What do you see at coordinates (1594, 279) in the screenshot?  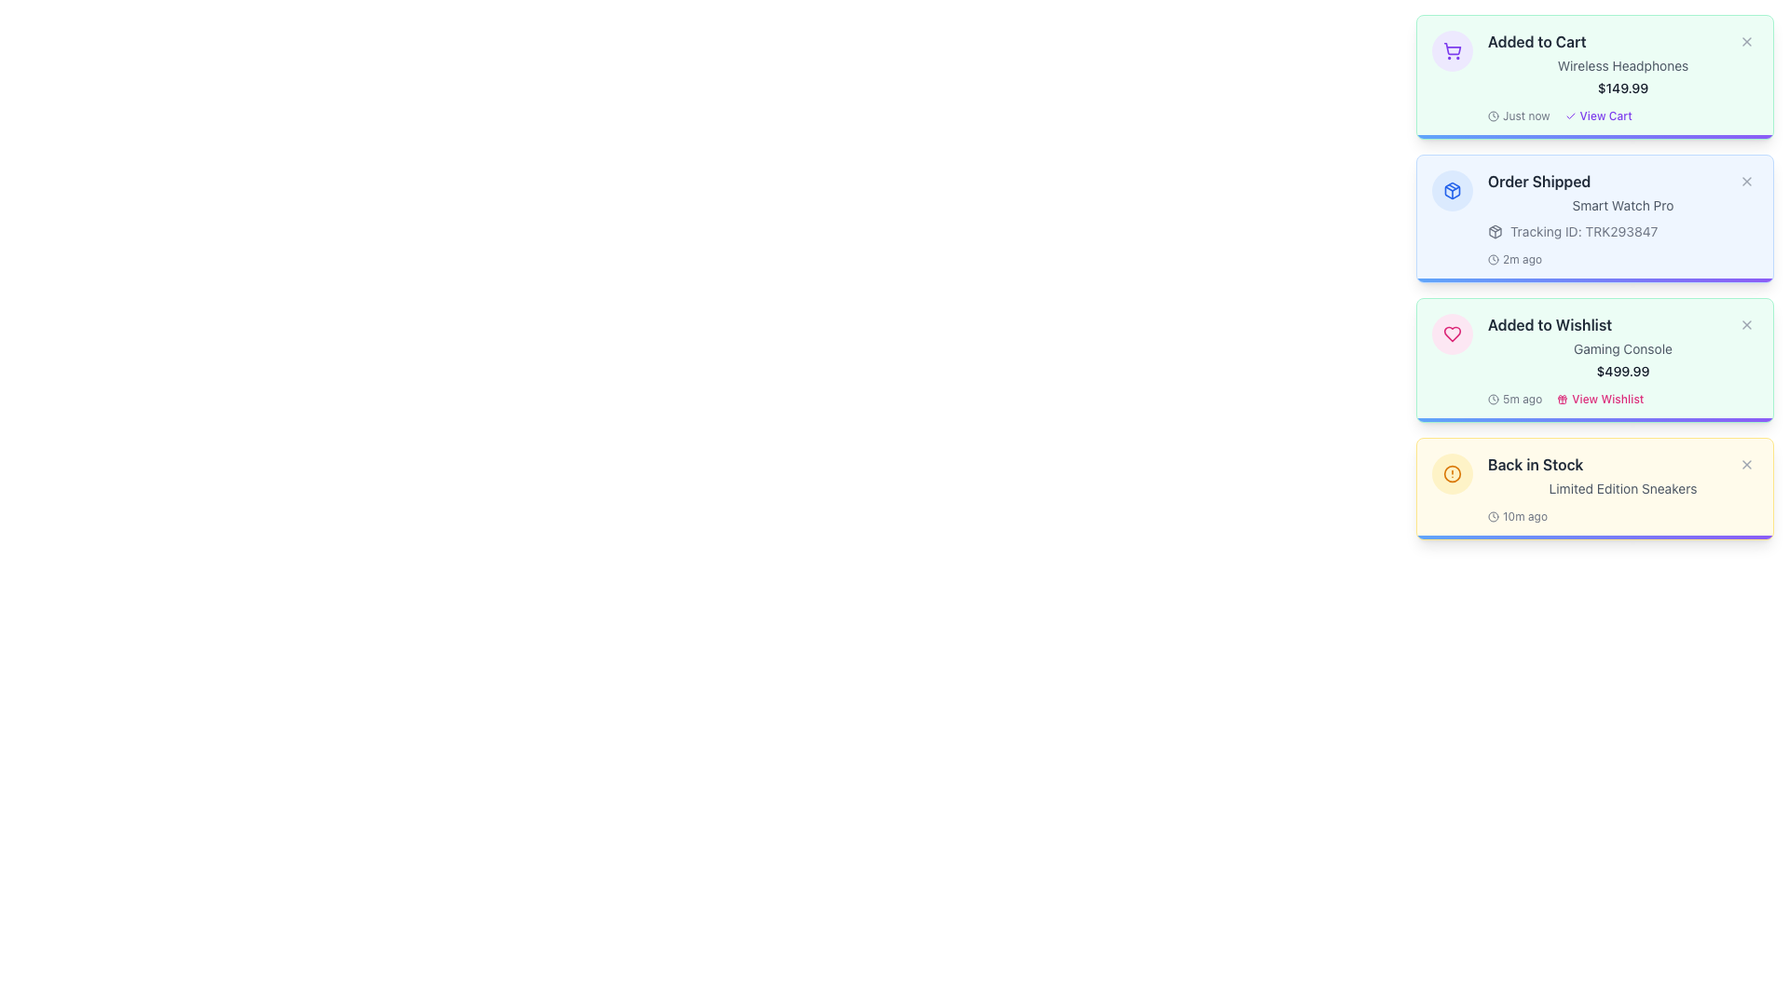 I see `the progress bar located at the bottom edge of the 'Order Shipped' notification card, underneath the content of the card, which includes 'Order Shipped', 'Smart Watch Pro', and a tracking ID` at bounding box center [1594, 279].